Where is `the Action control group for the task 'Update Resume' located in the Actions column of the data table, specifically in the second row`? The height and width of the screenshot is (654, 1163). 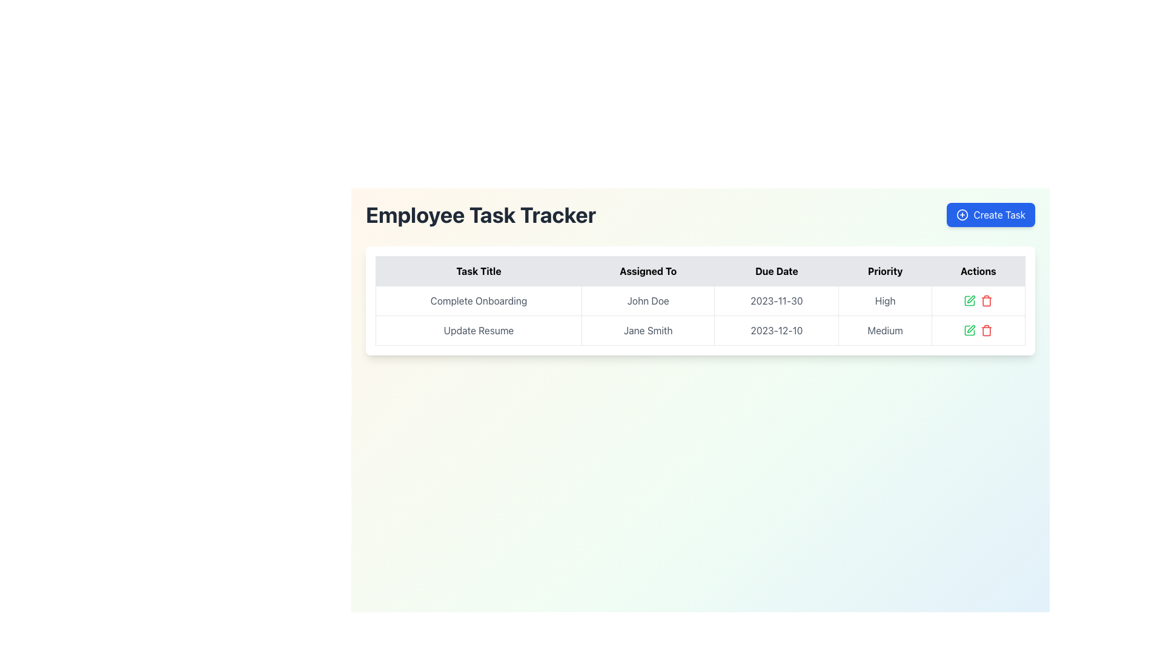
the Action control group for the task 'Update Resume' located in the Actions column of the data table, specifically in the second row is located at coordinates (978, 331).